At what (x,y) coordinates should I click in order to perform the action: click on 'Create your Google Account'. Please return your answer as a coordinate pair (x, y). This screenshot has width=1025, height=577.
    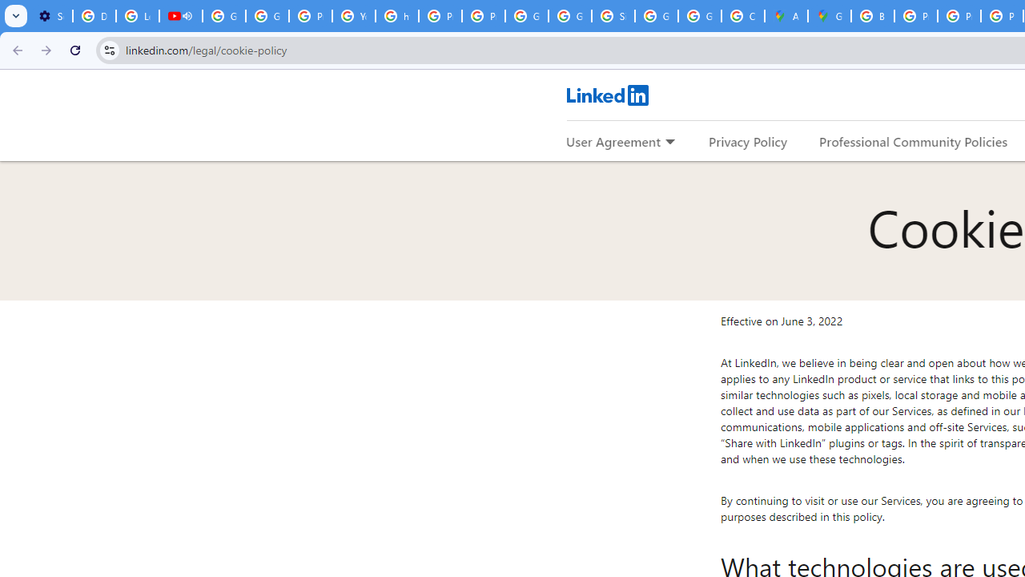
    Looking at the image, I should click on (742, 16).